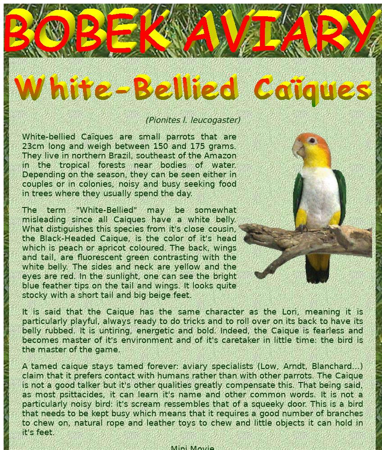  I want to click on '.', so click(317, 394).